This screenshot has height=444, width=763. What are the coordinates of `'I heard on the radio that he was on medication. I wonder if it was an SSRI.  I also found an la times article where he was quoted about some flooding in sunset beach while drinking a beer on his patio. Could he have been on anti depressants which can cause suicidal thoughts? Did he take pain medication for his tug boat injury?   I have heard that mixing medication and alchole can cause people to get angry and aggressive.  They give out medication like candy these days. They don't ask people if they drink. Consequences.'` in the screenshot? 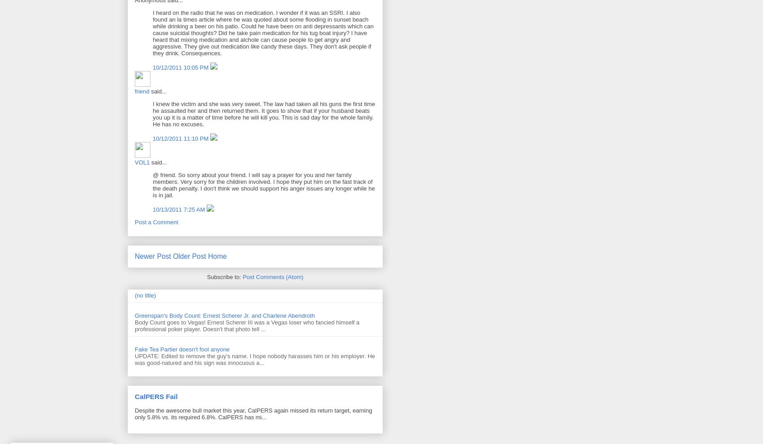 It's located at (263, 32).